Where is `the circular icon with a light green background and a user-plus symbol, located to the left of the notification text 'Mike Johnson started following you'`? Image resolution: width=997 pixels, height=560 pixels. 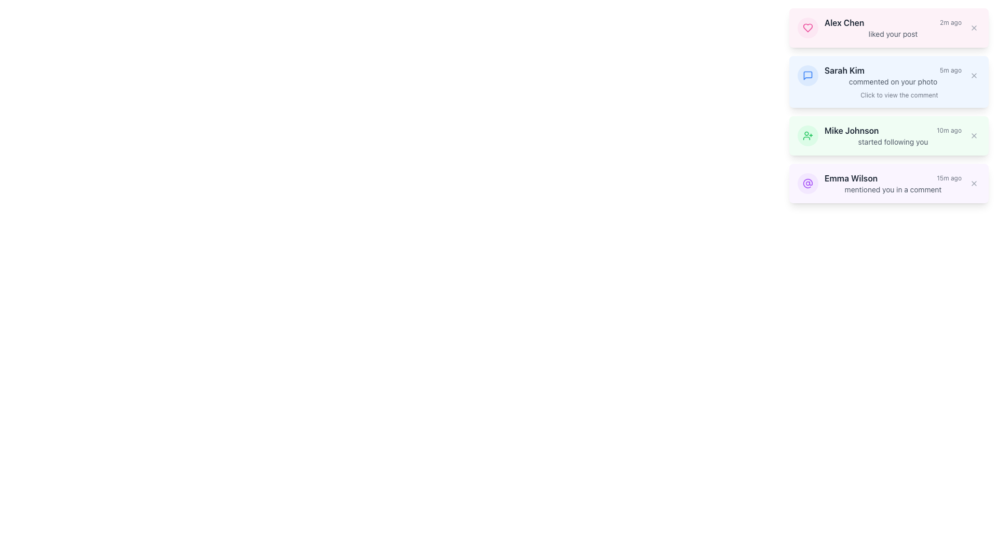 the circular icon with a light green background and a user-plus symbol, located to the left of the notification text 'Mike Johnson started following you' is located at coordinates (807, 135).